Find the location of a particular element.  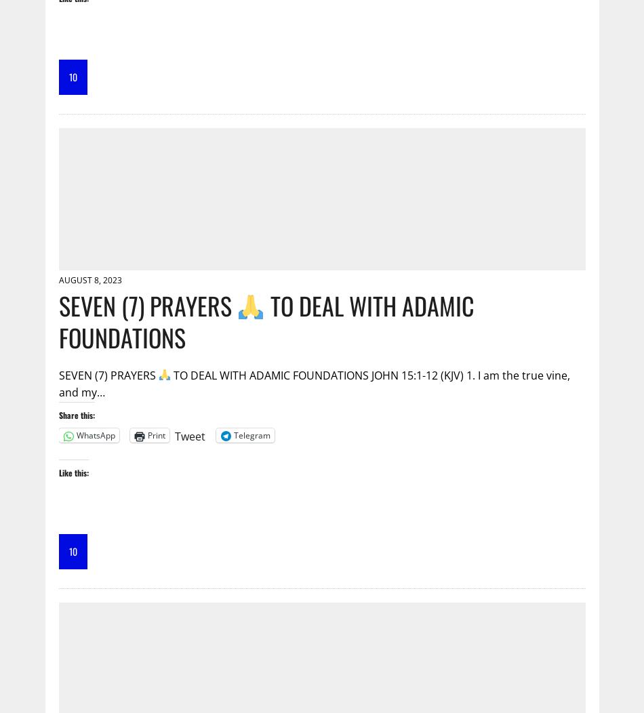

'Like this:' is located at coordinates (73, 472).